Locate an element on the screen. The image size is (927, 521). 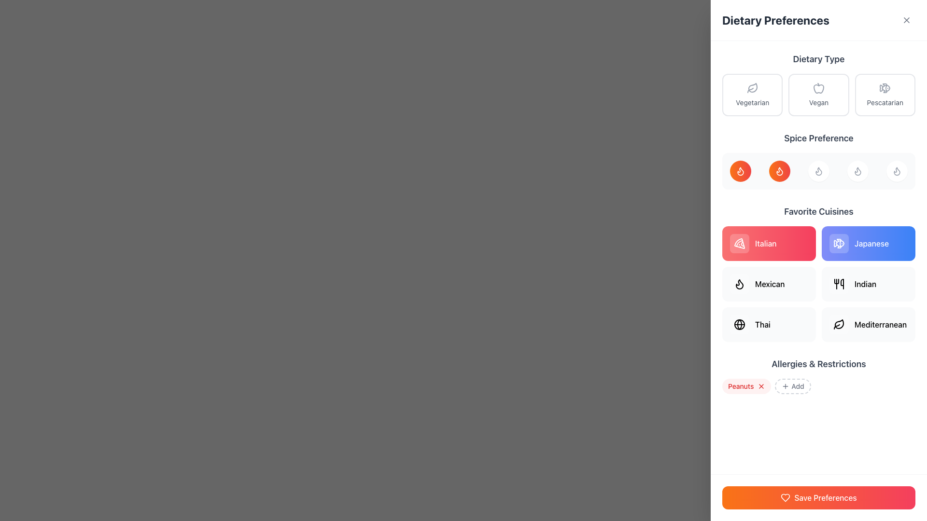
the 'Italian' cuisine button in the 'Favorite Cuisines' section of the preferences panel, which contains a decorative pizza slice icon is located at coordinates (739, 243).